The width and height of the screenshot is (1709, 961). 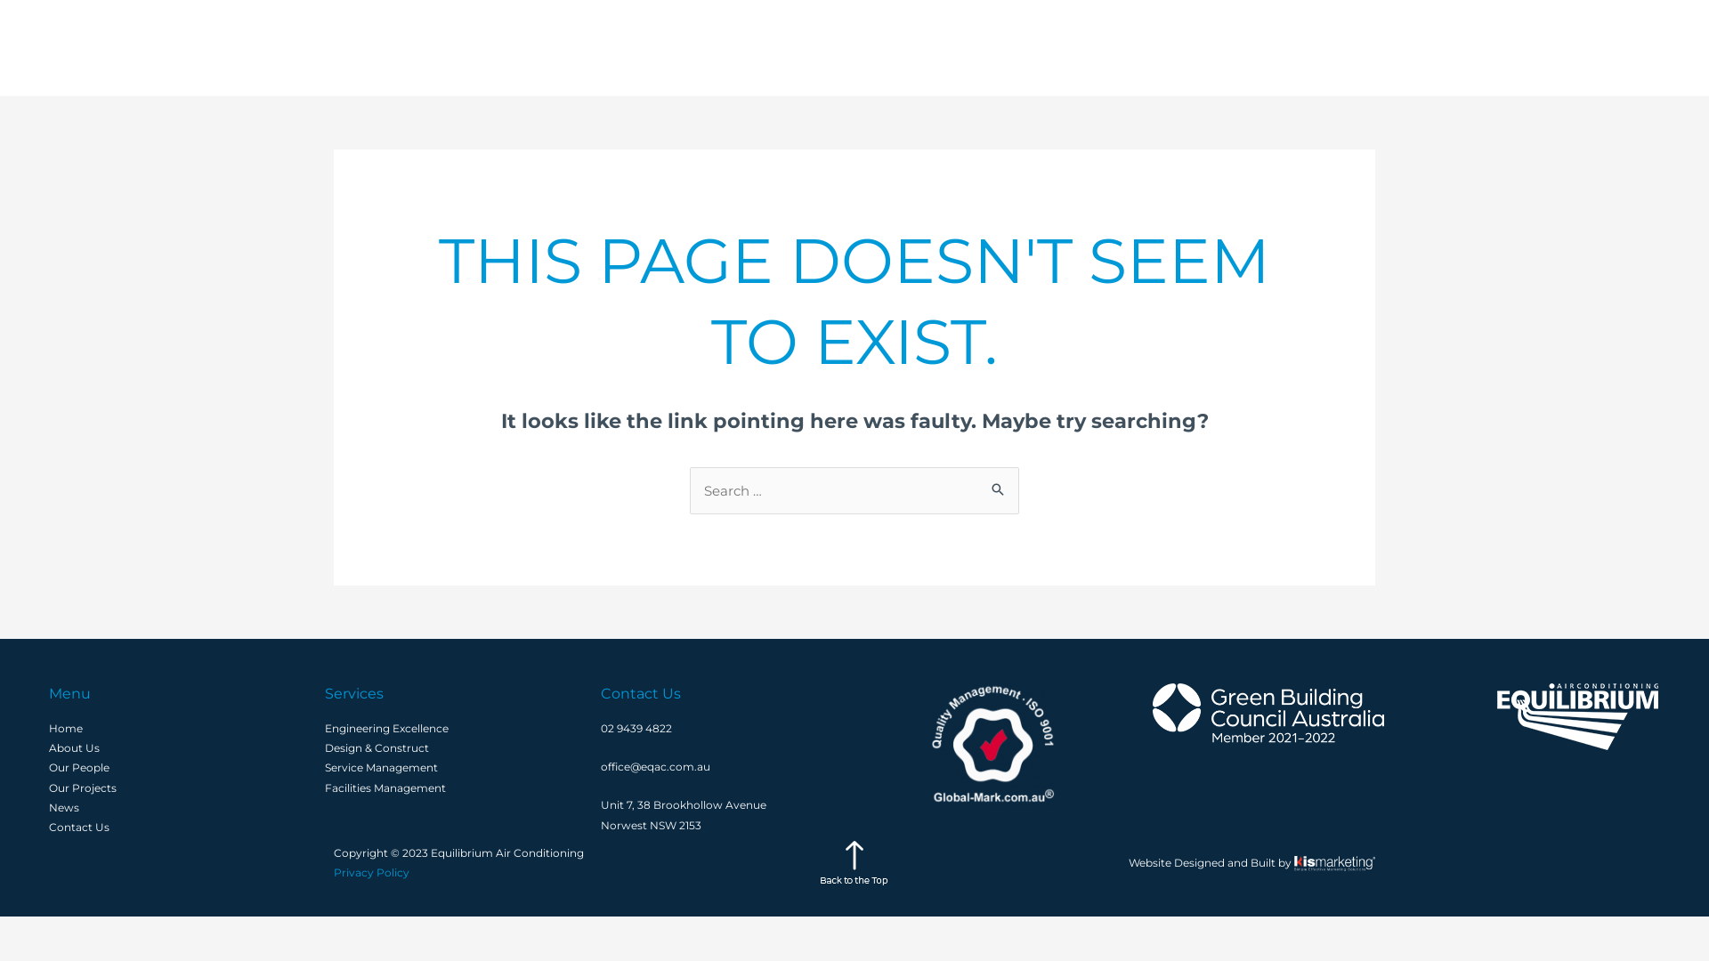 I want to click on 'Our People', so click(x=1316, y=47).